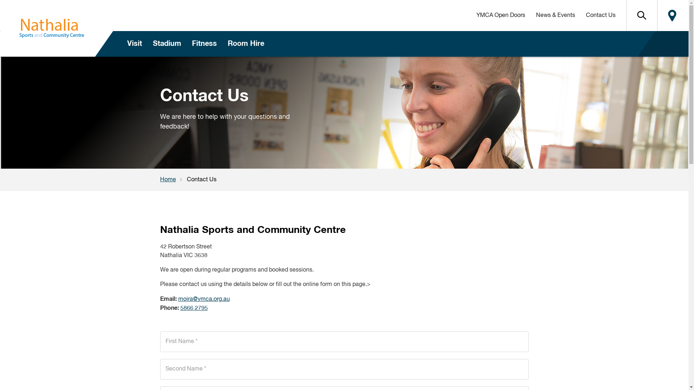 The image size is (694, 390). Describe the element at coordinates (214, 299) in the screenshot. I see `'mca.org.au'` at that location.